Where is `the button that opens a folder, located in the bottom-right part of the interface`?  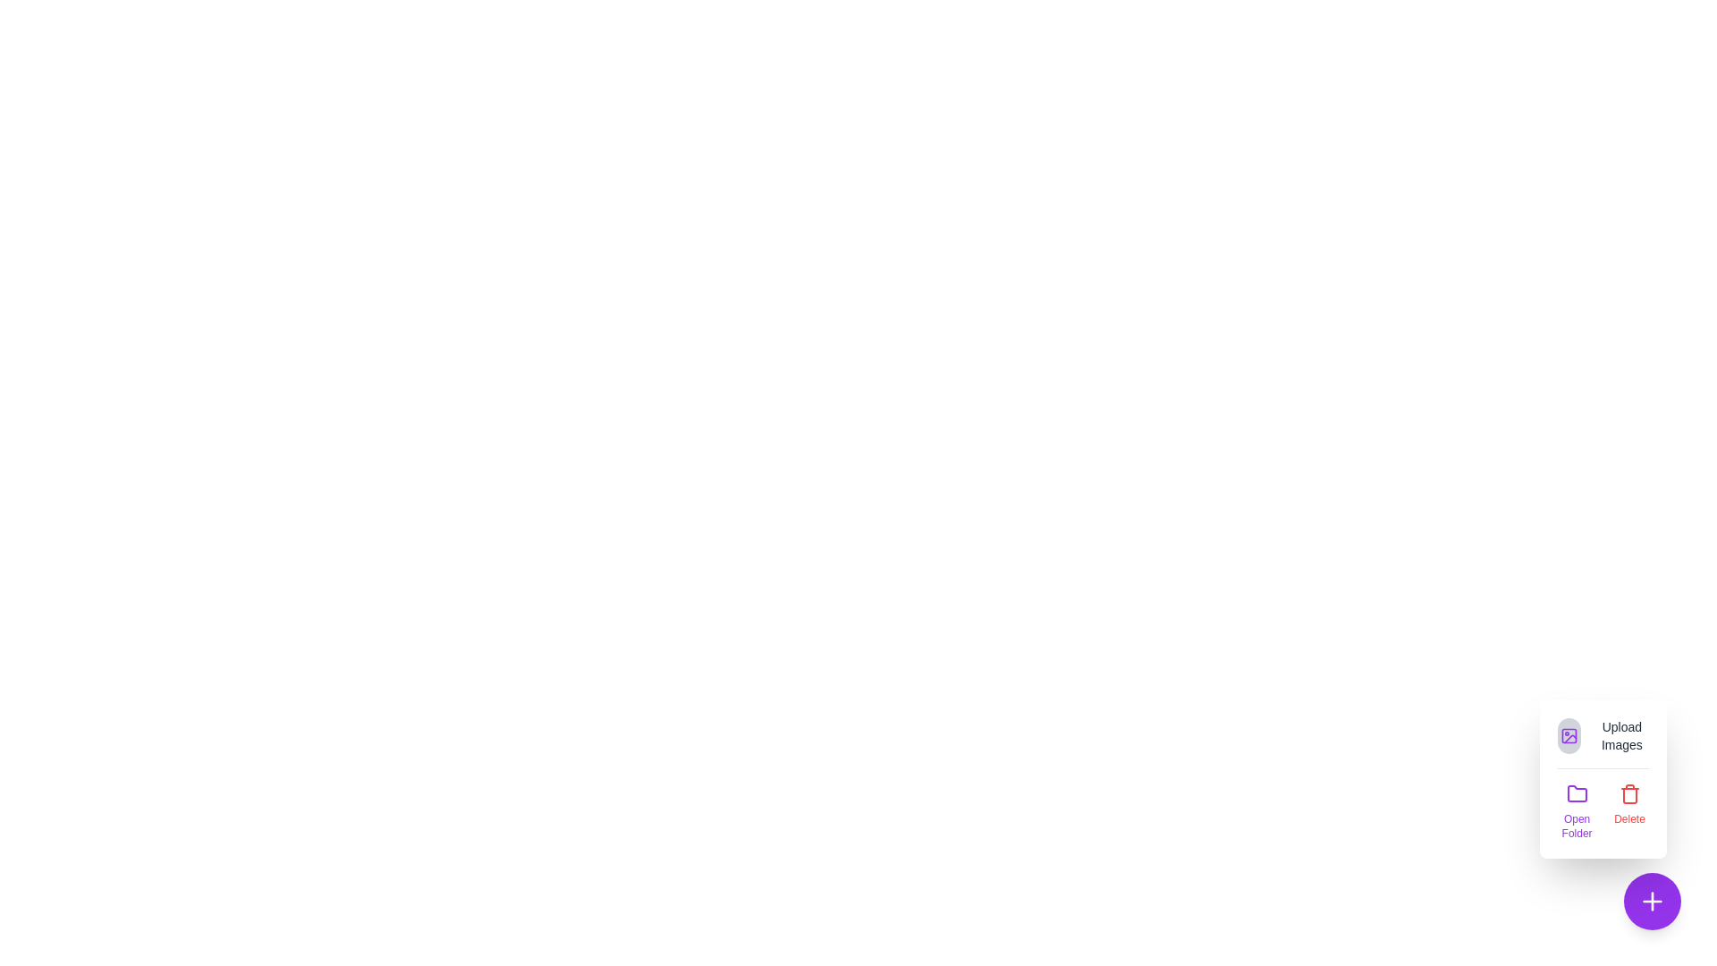 the button that opens a folder, located in the bottom-right part of the interface is located at coordinates (1577, 811).